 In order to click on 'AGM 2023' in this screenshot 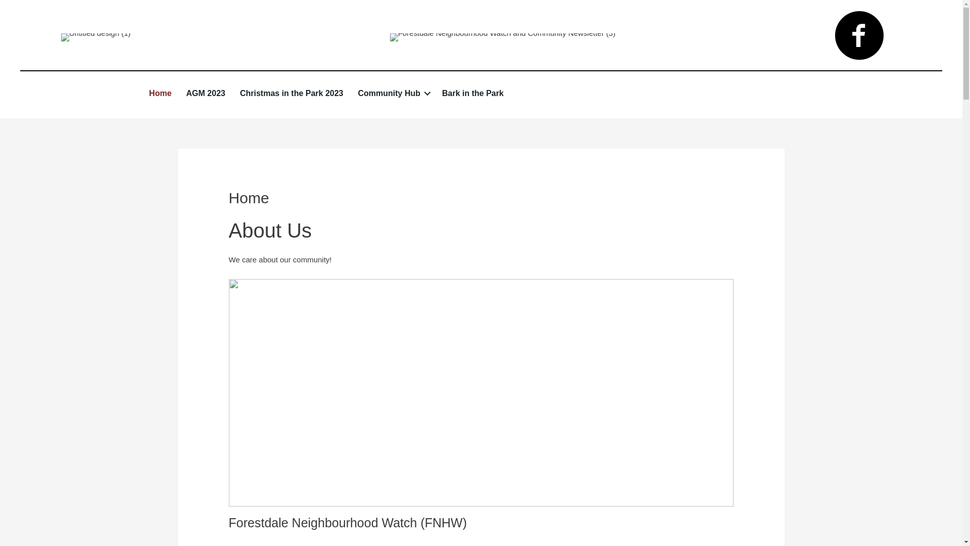, I will do `click(179, 94)`.